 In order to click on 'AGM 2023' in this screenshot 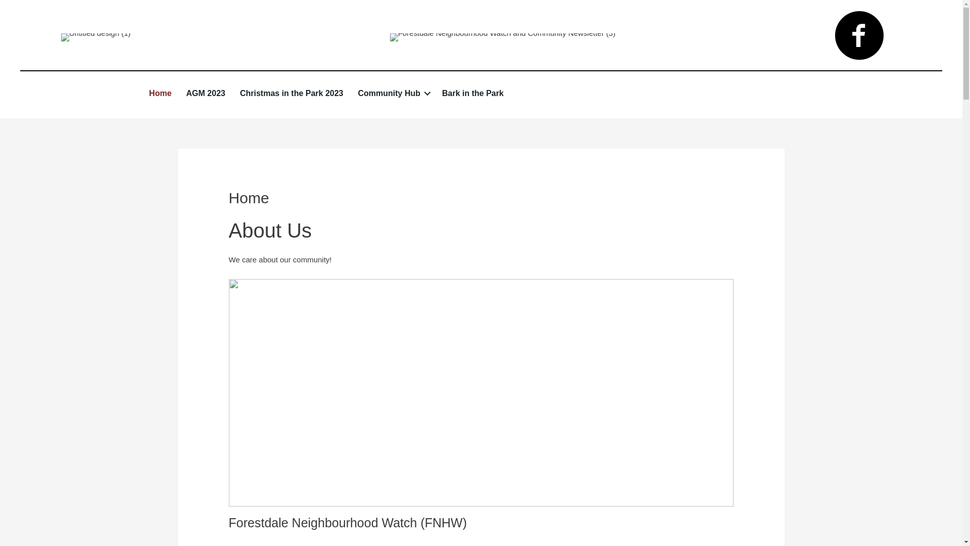, I will do `click(179, 94)`.